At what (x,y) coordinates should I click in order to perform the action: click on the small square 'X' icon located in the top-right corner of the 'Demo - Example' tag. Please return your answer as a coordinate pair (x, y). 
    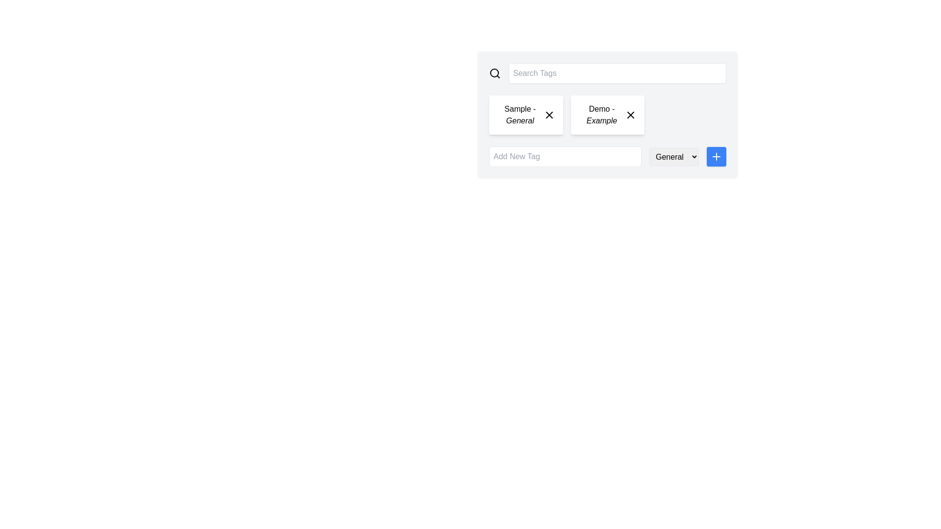
    Looking at the image, I should click on (631, 115).